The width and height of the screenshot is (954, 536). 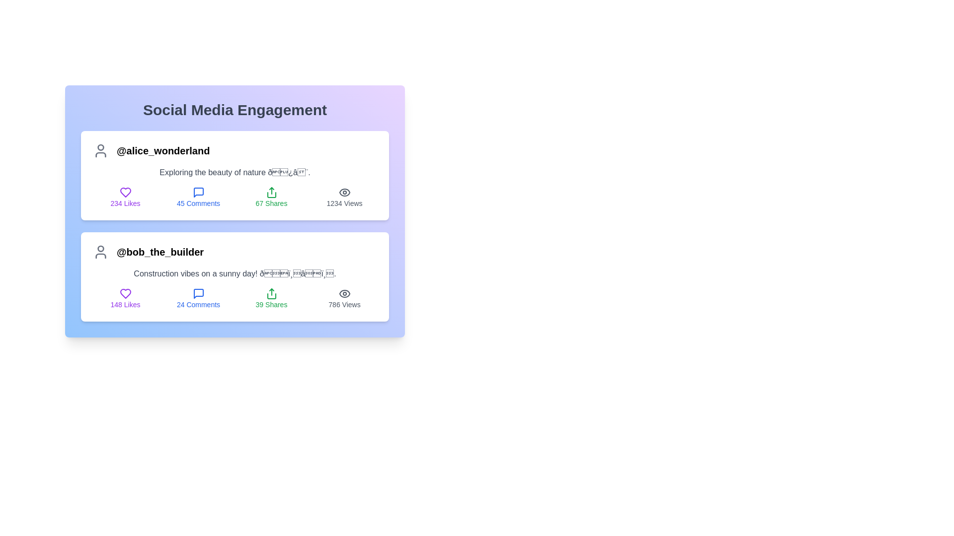 What do you see at coordinates (125, 293) in the screenshot?
I see `the heart-shaped icon with a purple outline and white interior located` at bounding box center [125, 293].